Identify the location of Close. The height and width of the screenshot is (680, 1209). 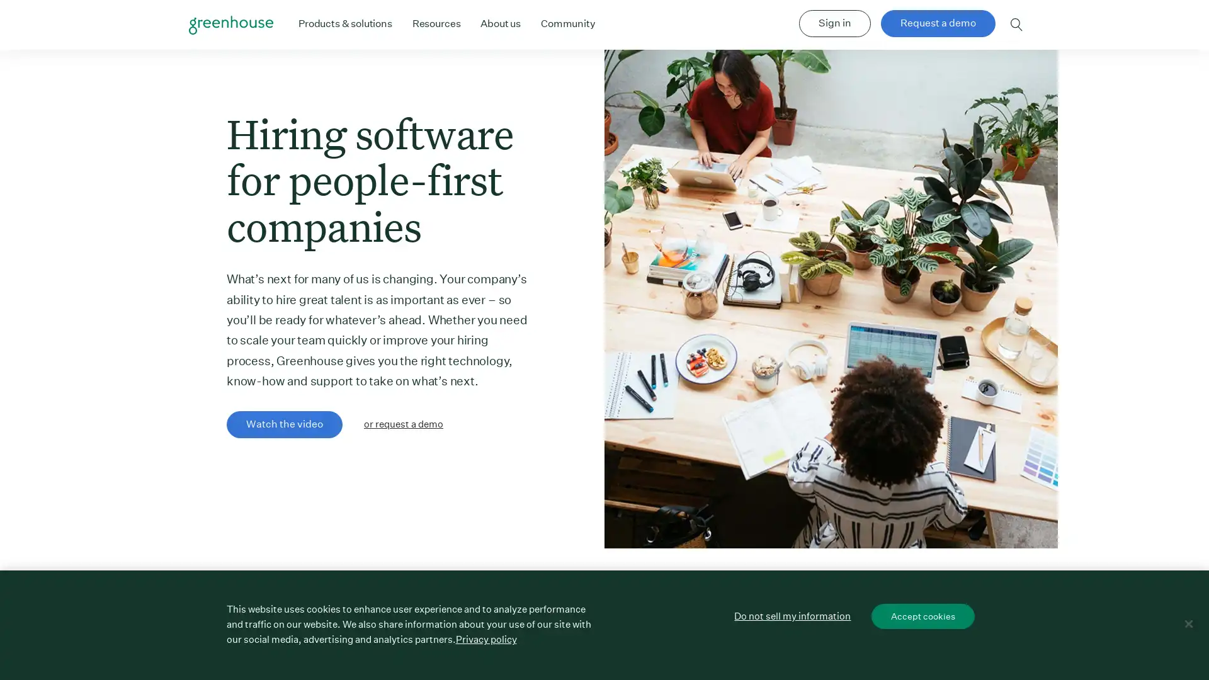
(1188, 624).